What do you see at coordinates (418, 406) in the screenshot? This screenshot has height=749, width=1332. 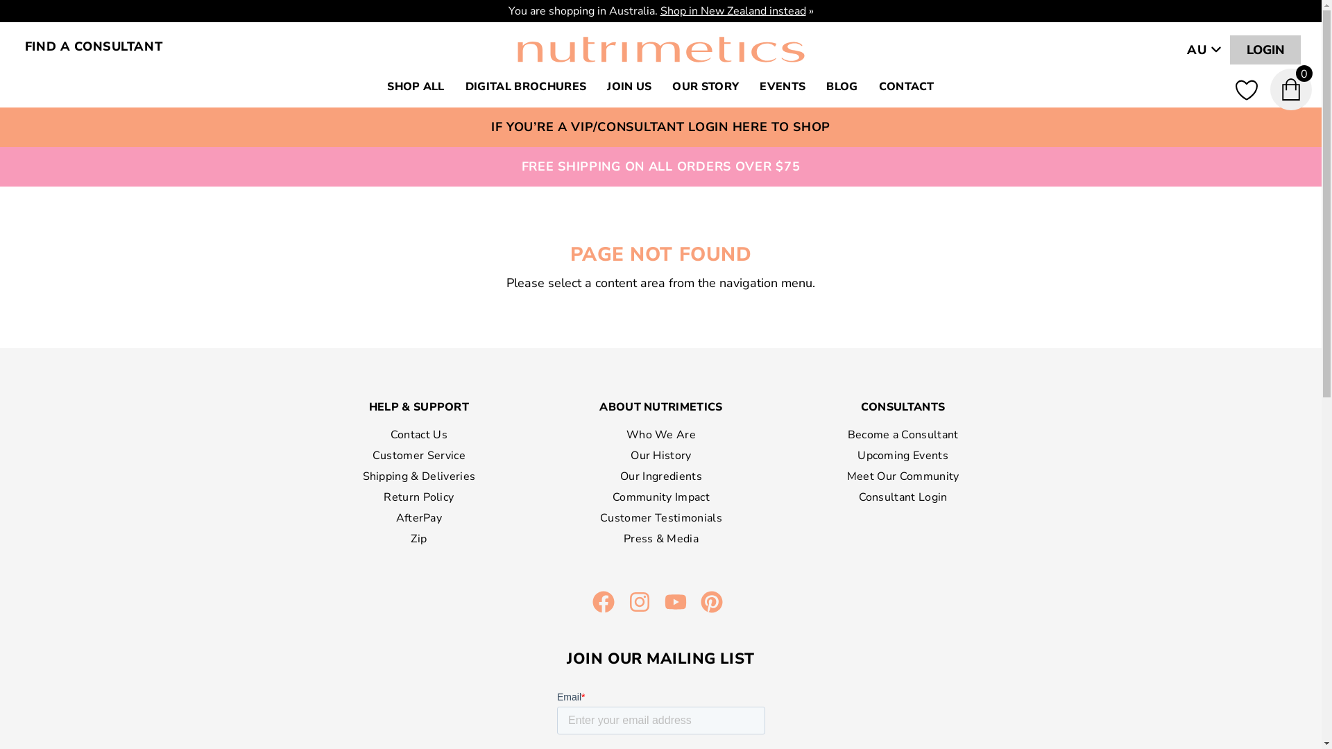 I see `'HELP & SUPPORT'` at bounding box center [418, 406].